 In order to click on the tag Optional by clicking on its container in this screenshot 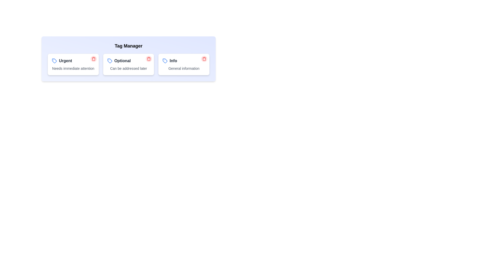, I will do `click(129, 64)`.